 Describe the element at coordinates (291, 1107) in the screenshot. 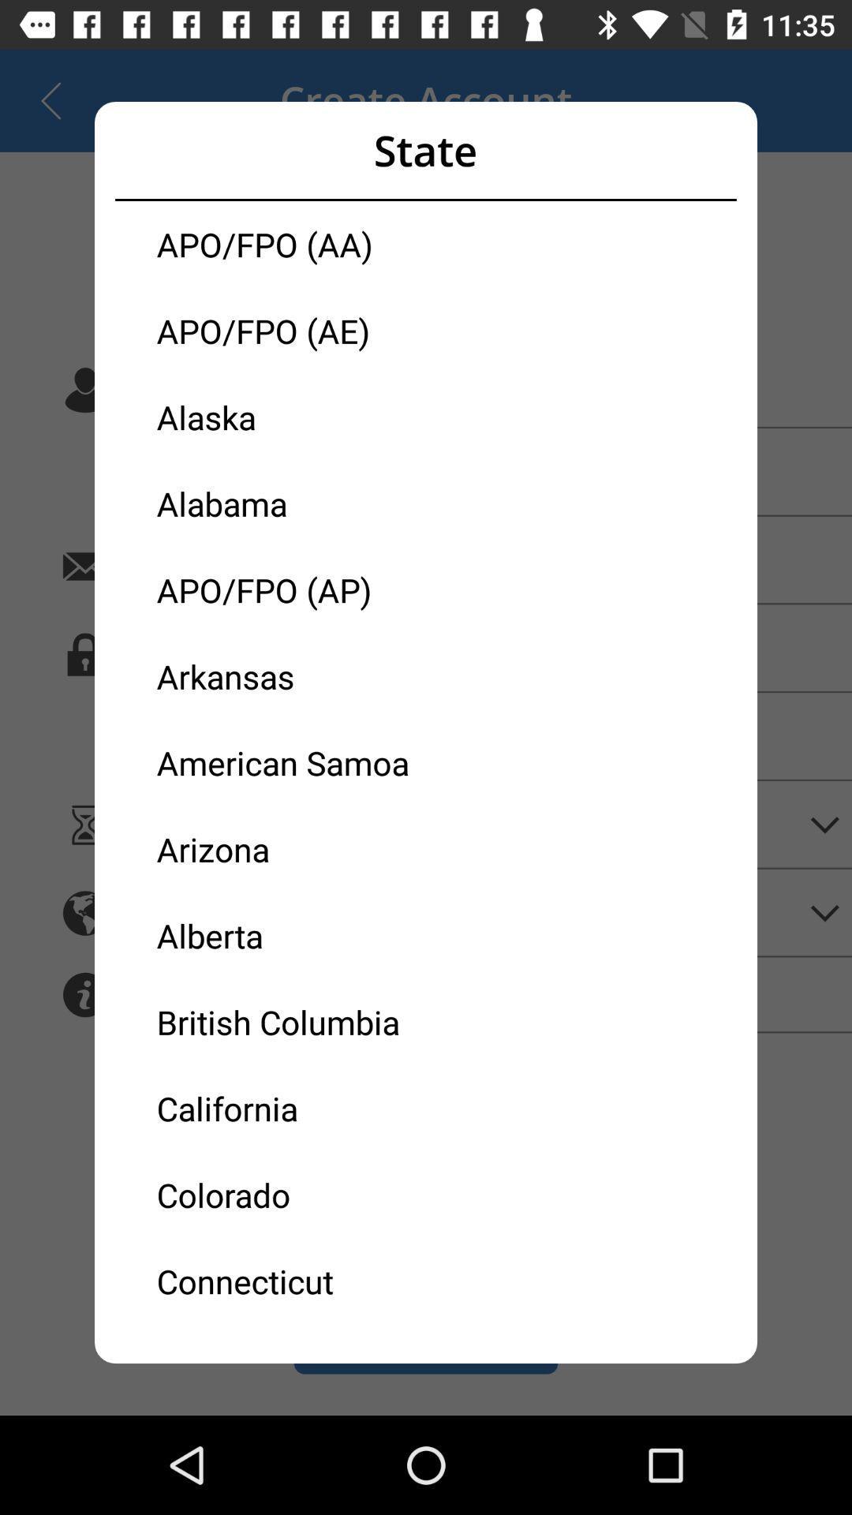

I see `california icon` at that location.